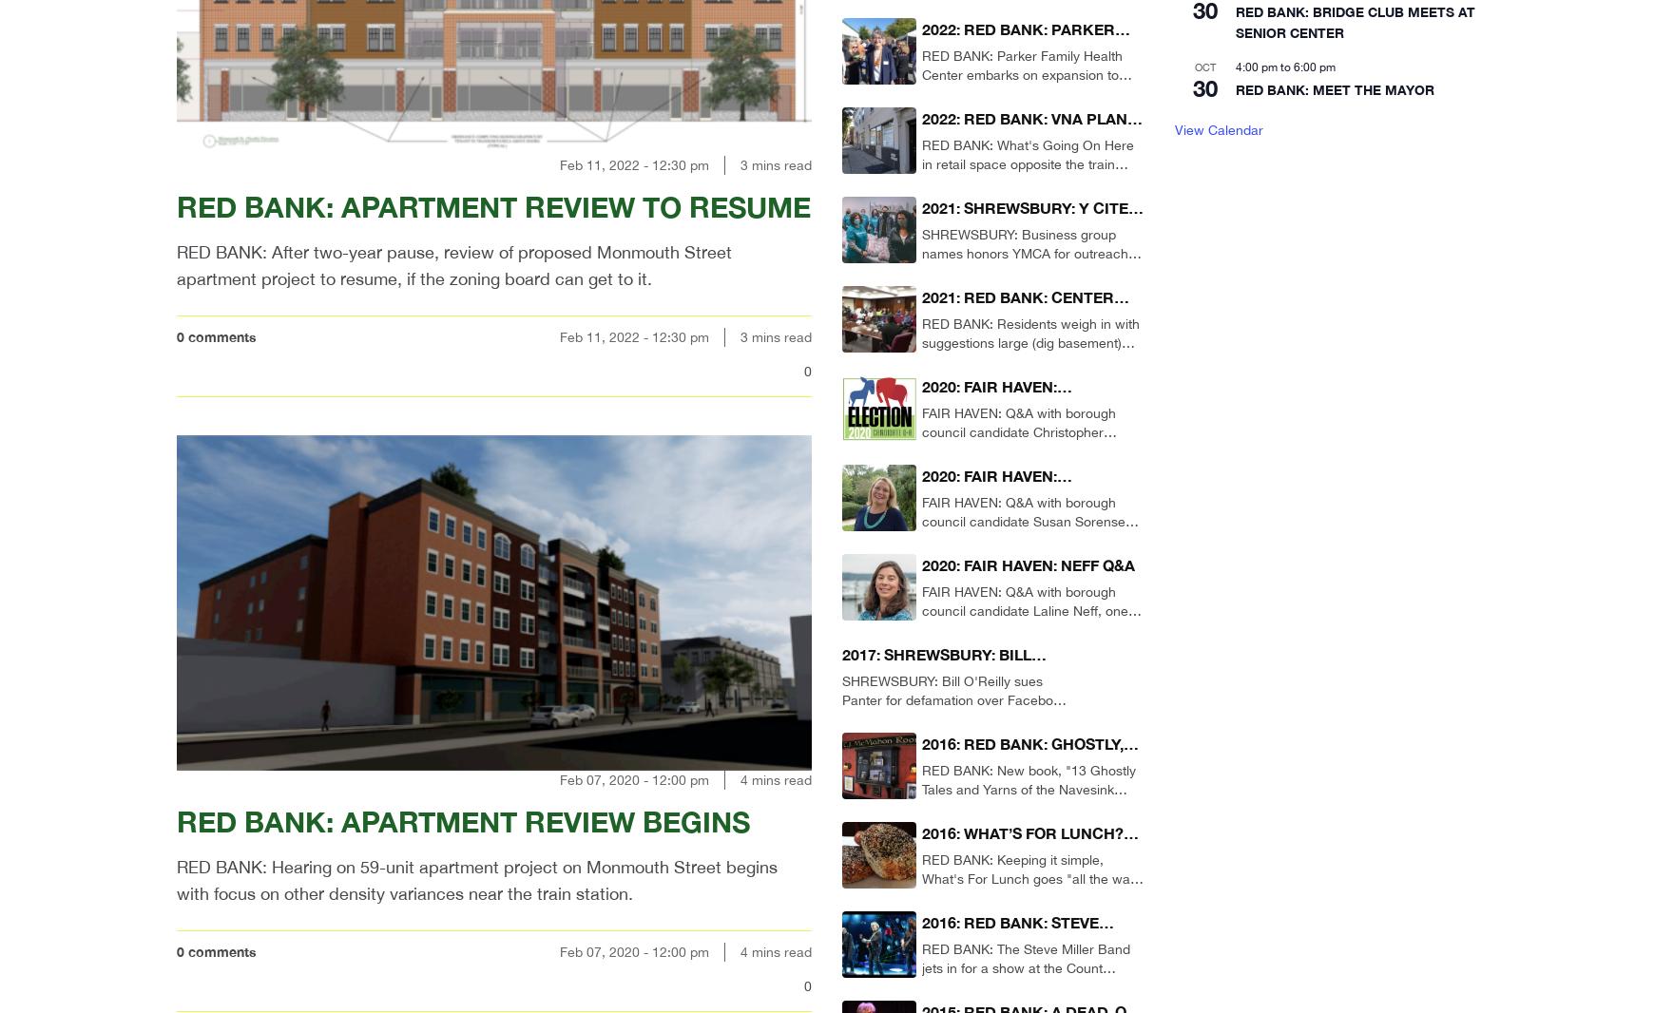  Describe the element at coordinates (462, 821) in the screenshot. I see `'RED BANK: APARTMENT REVIEW BEGINS'` at that location.